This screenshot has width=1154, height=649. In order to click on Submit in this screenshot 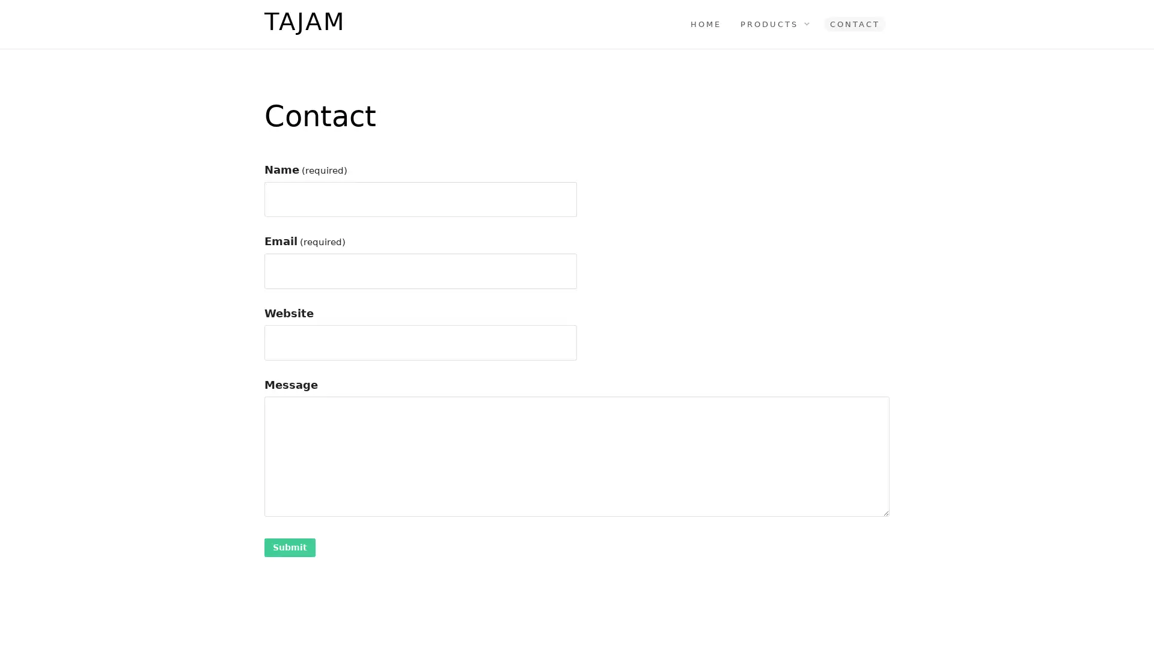, I will do `click(290, 547)`.